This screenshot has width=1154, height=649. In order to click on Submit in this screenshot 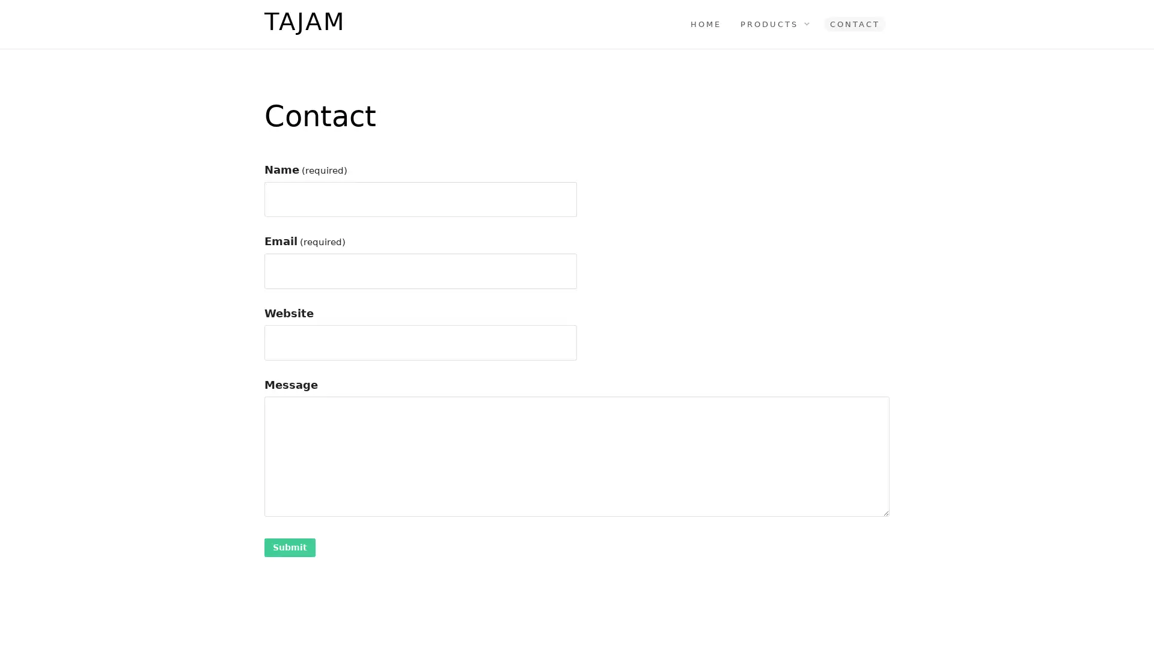, I will do `click(290, 547)`.